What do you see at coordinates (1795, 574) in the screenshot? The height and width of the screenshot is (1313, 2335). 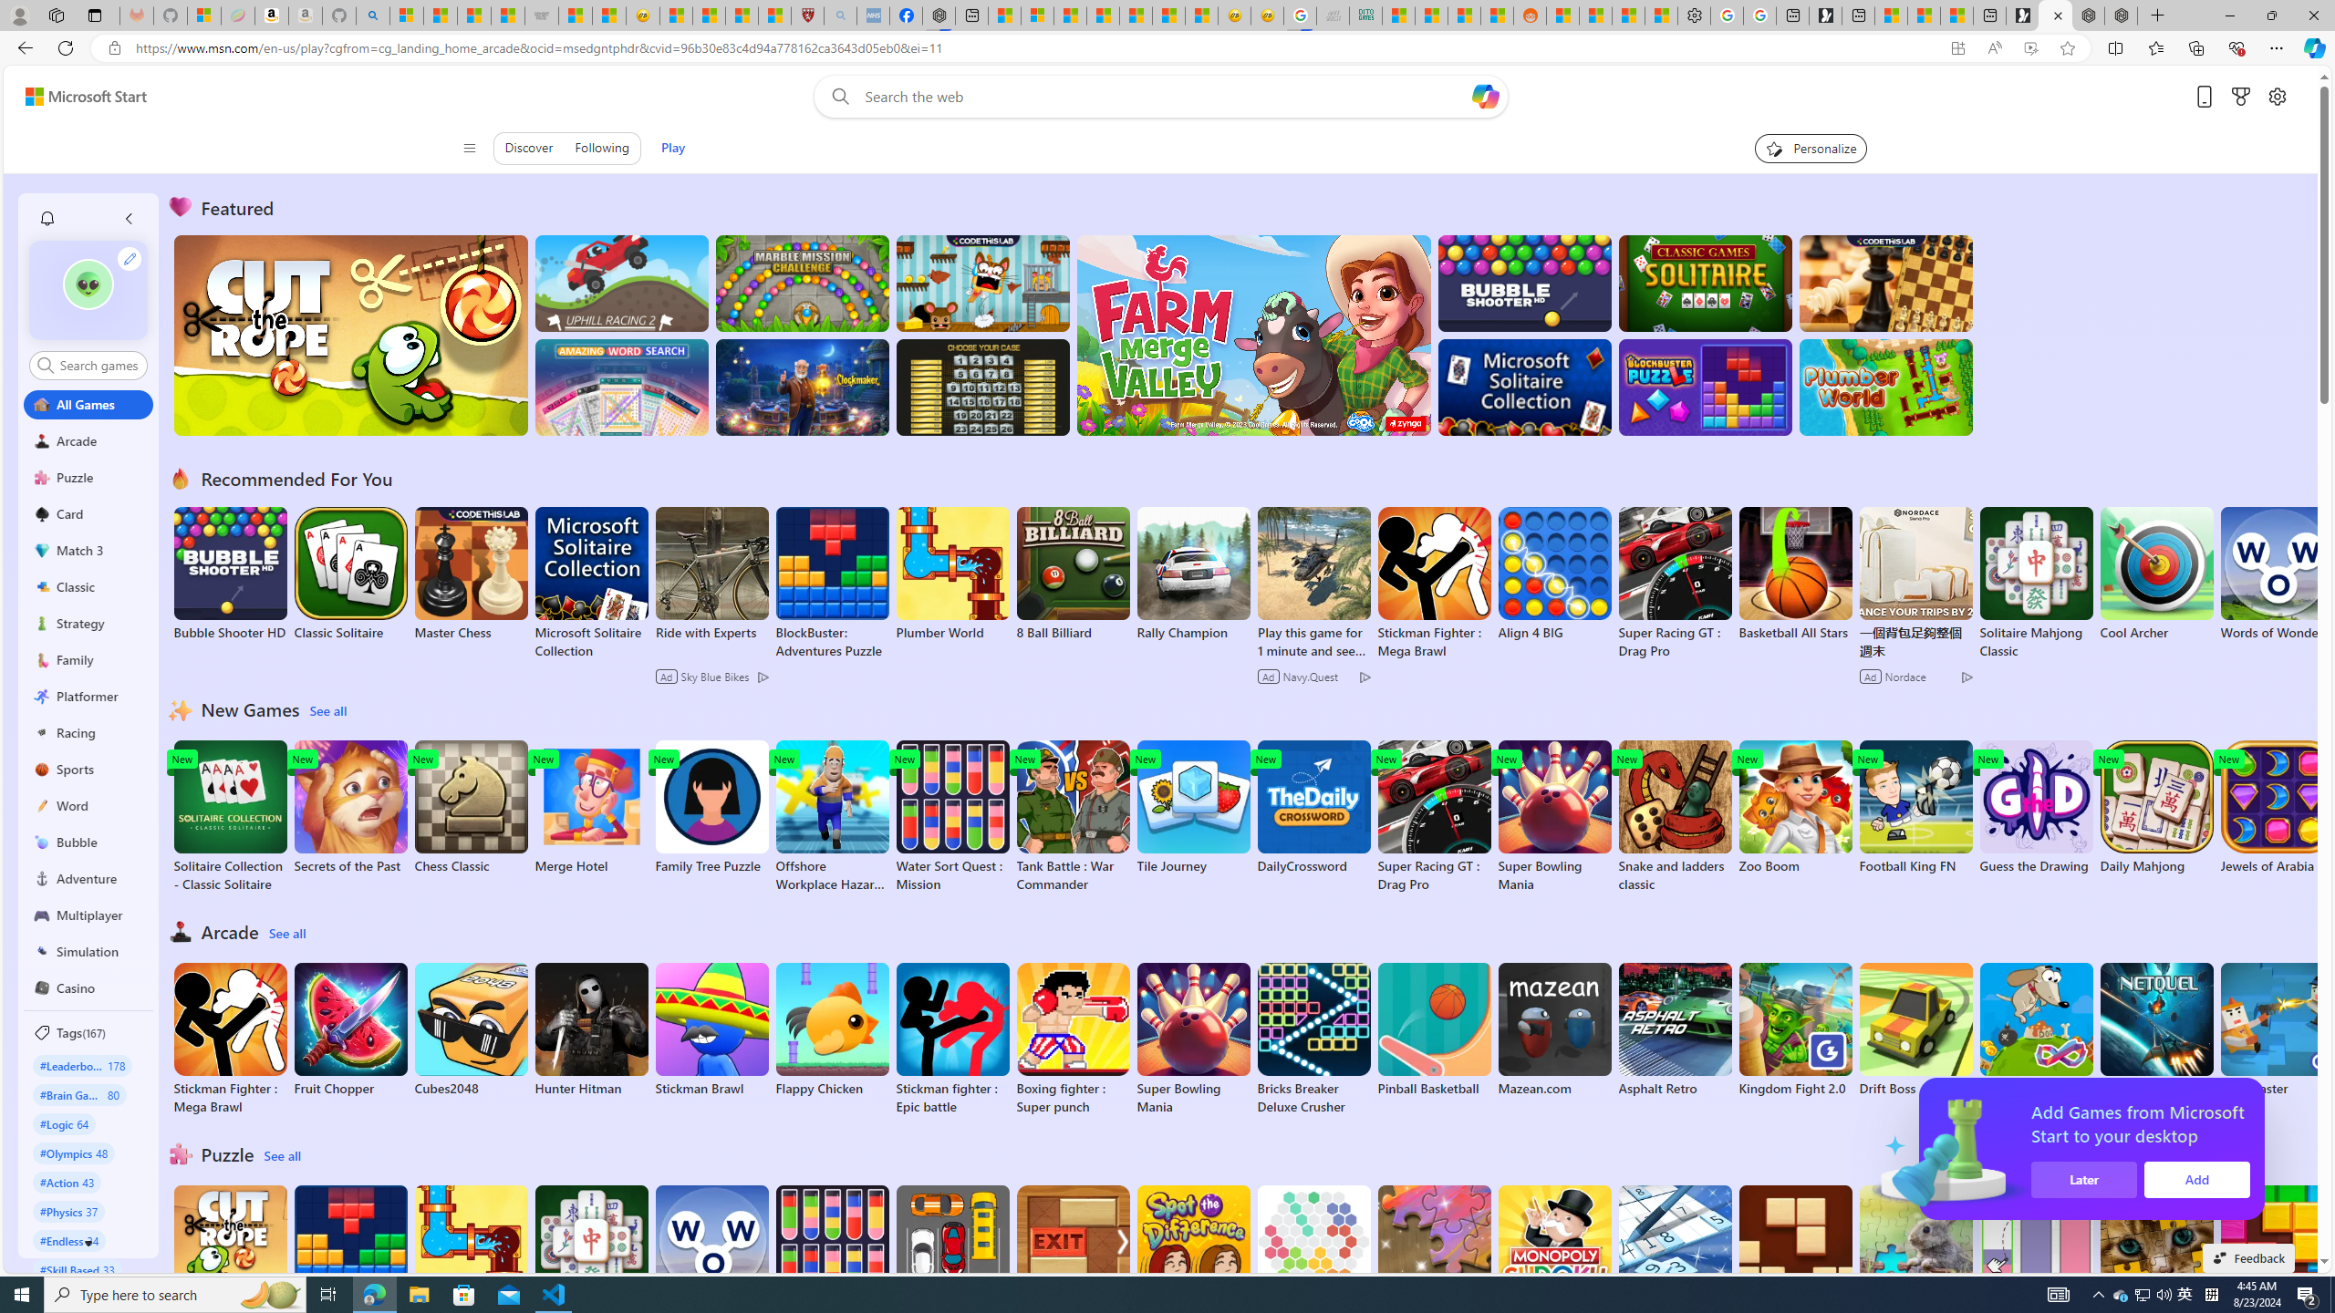 I see `'Basketball All Stars'` at bounding box center [1795, 574].